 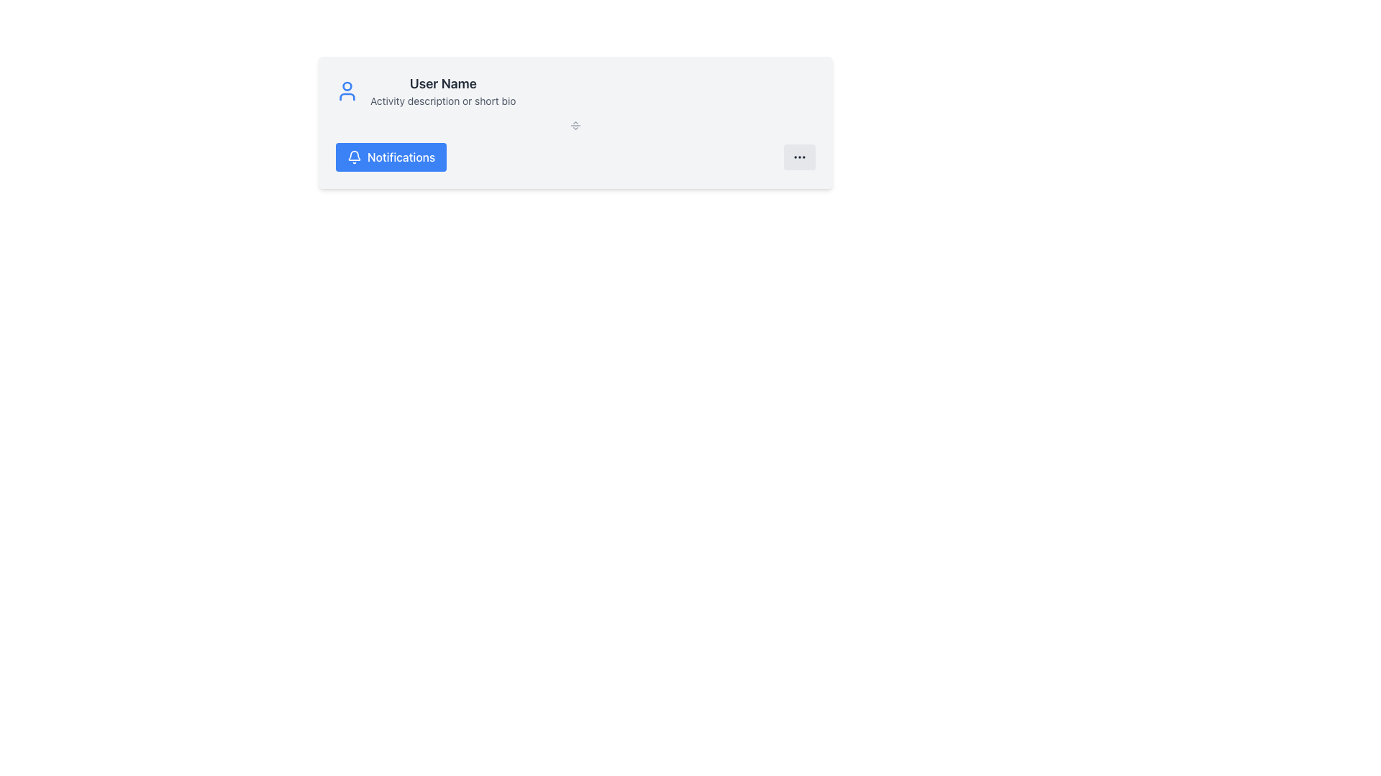 I want to click on the button in the top-right corner of the Notifications section, so click(x=799, y=157).